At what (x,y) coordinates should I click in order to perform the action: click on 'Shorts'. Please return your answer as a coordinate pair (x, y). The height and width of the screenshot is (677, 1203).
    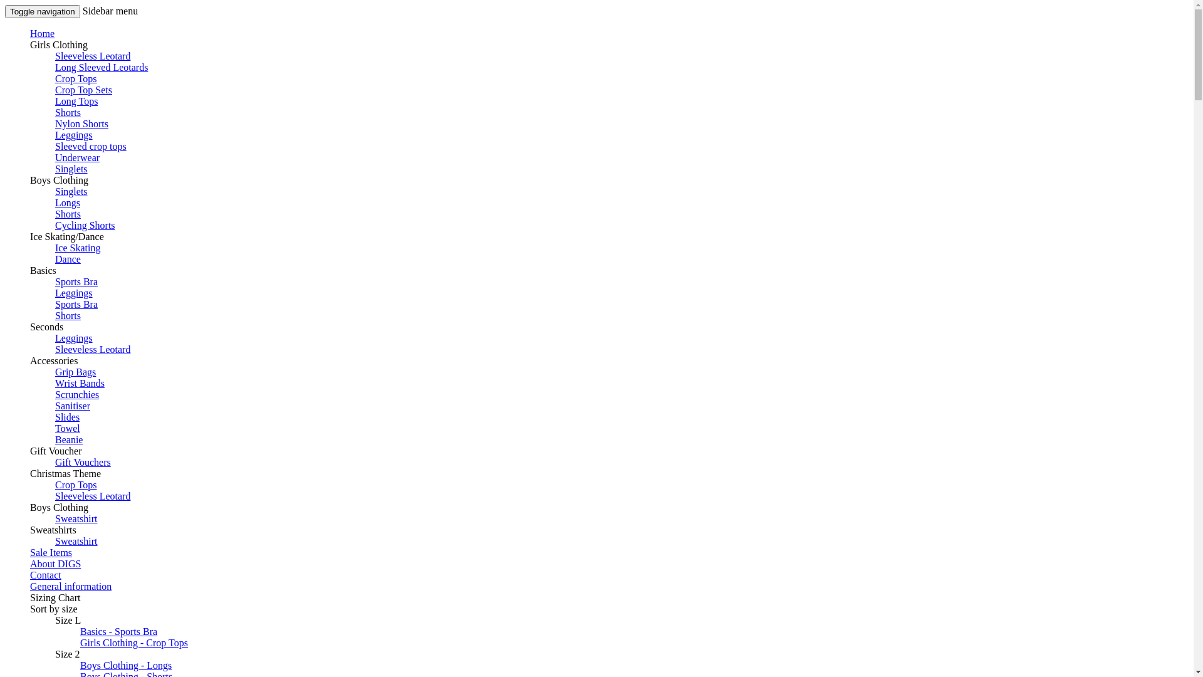
    Looking at the image, I should click on (67, 213).